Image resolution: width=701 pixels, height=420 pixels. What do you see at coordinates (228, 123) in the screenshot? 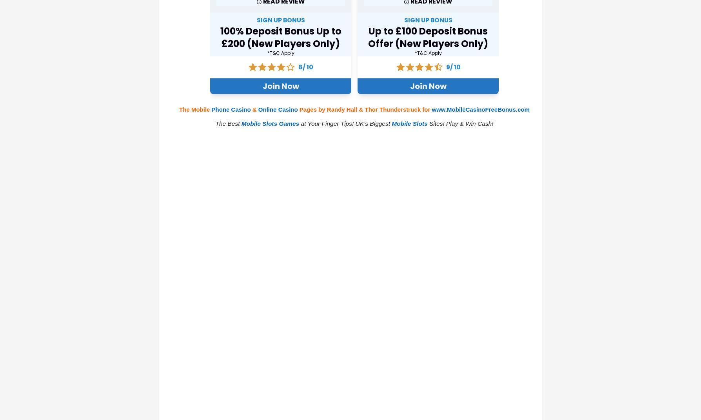
I see `'The Best'` at bounding box center [228, 123].